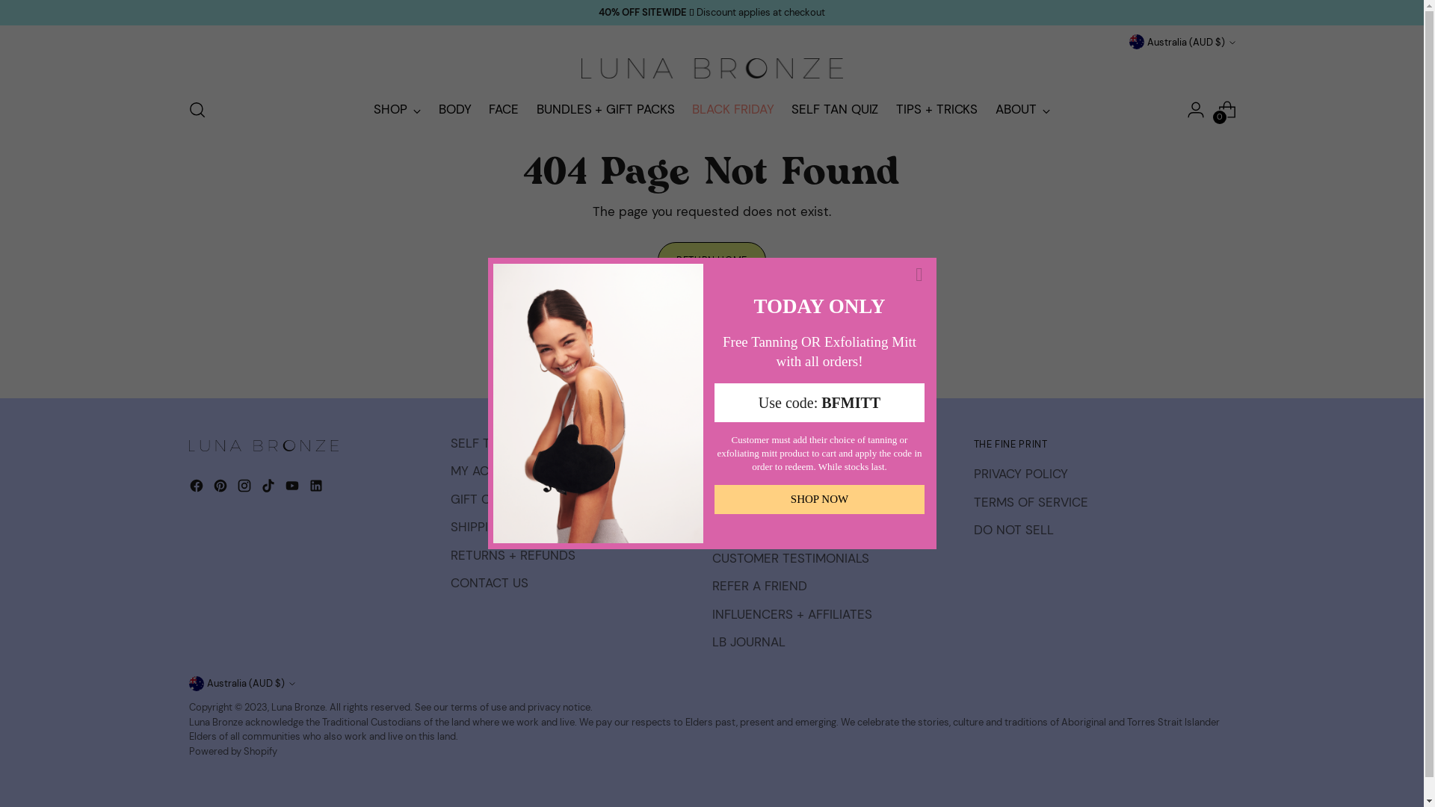  Describe the element at coordinates (220, 489) in the screenshot. I see `'Luna Bronze on Pinterest'` at that location.